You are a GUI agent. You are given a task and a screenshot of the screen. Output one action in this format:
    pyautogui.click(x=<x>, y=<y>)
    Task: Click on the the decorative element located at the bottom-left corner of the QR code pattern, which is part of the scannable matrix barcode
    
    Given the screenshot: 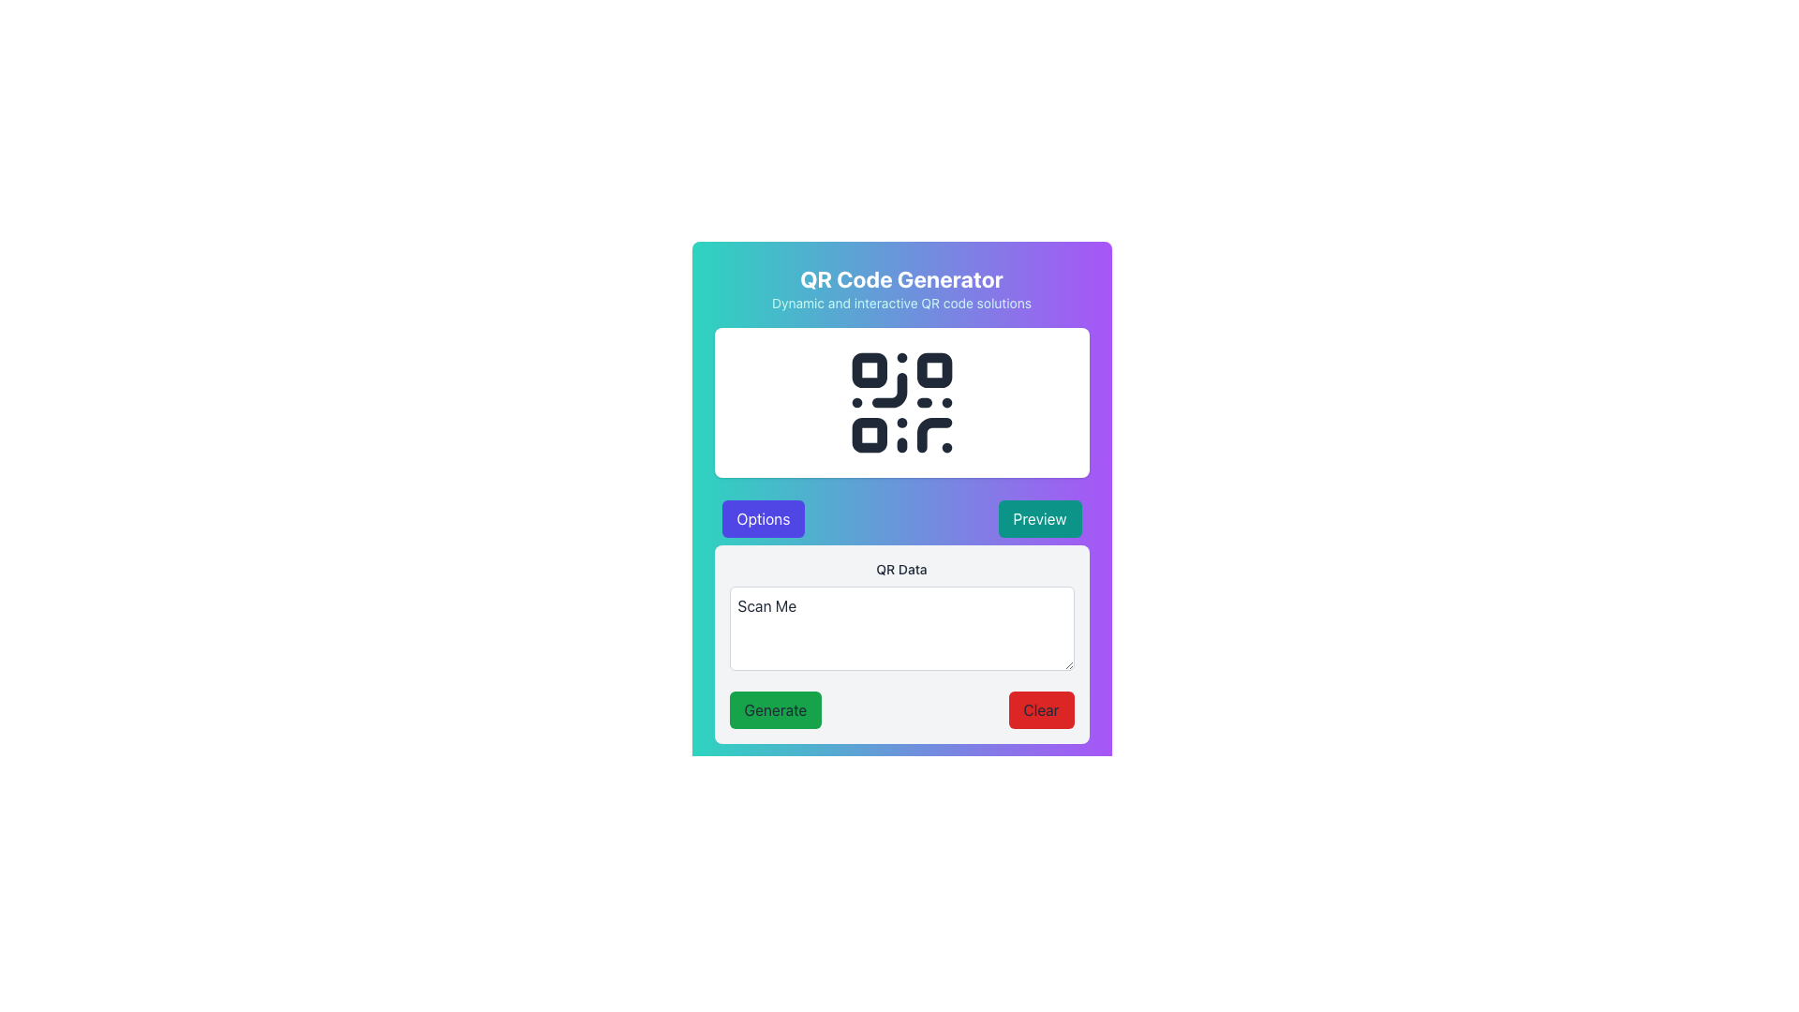 What is the action you would take?
    pyautogui.click(x=868, y=435)
    